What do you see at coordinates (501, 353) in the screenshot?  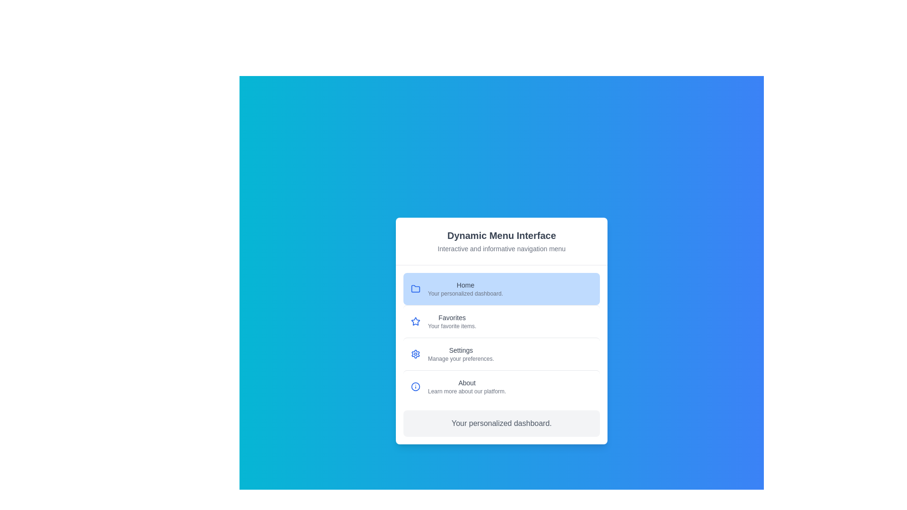 I see `the menu item labeled Settings` at bounding box center [501, 353].